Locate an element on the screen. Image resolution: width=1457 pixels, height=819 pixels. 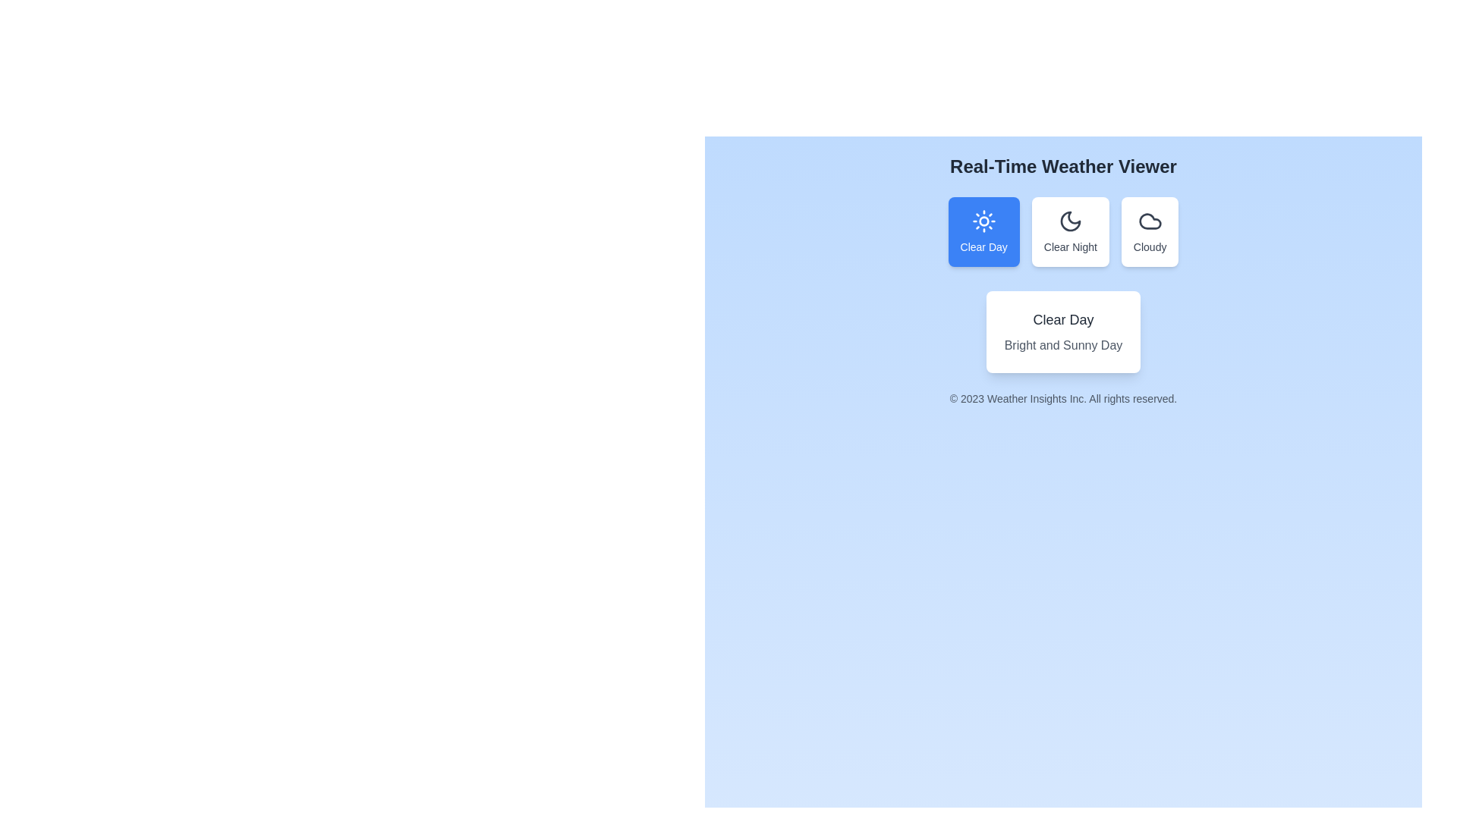
text 'Clear Day' from the label located at the center of the first blue rectangular card in the weather viewer interface is located at coordinates (983, 246).